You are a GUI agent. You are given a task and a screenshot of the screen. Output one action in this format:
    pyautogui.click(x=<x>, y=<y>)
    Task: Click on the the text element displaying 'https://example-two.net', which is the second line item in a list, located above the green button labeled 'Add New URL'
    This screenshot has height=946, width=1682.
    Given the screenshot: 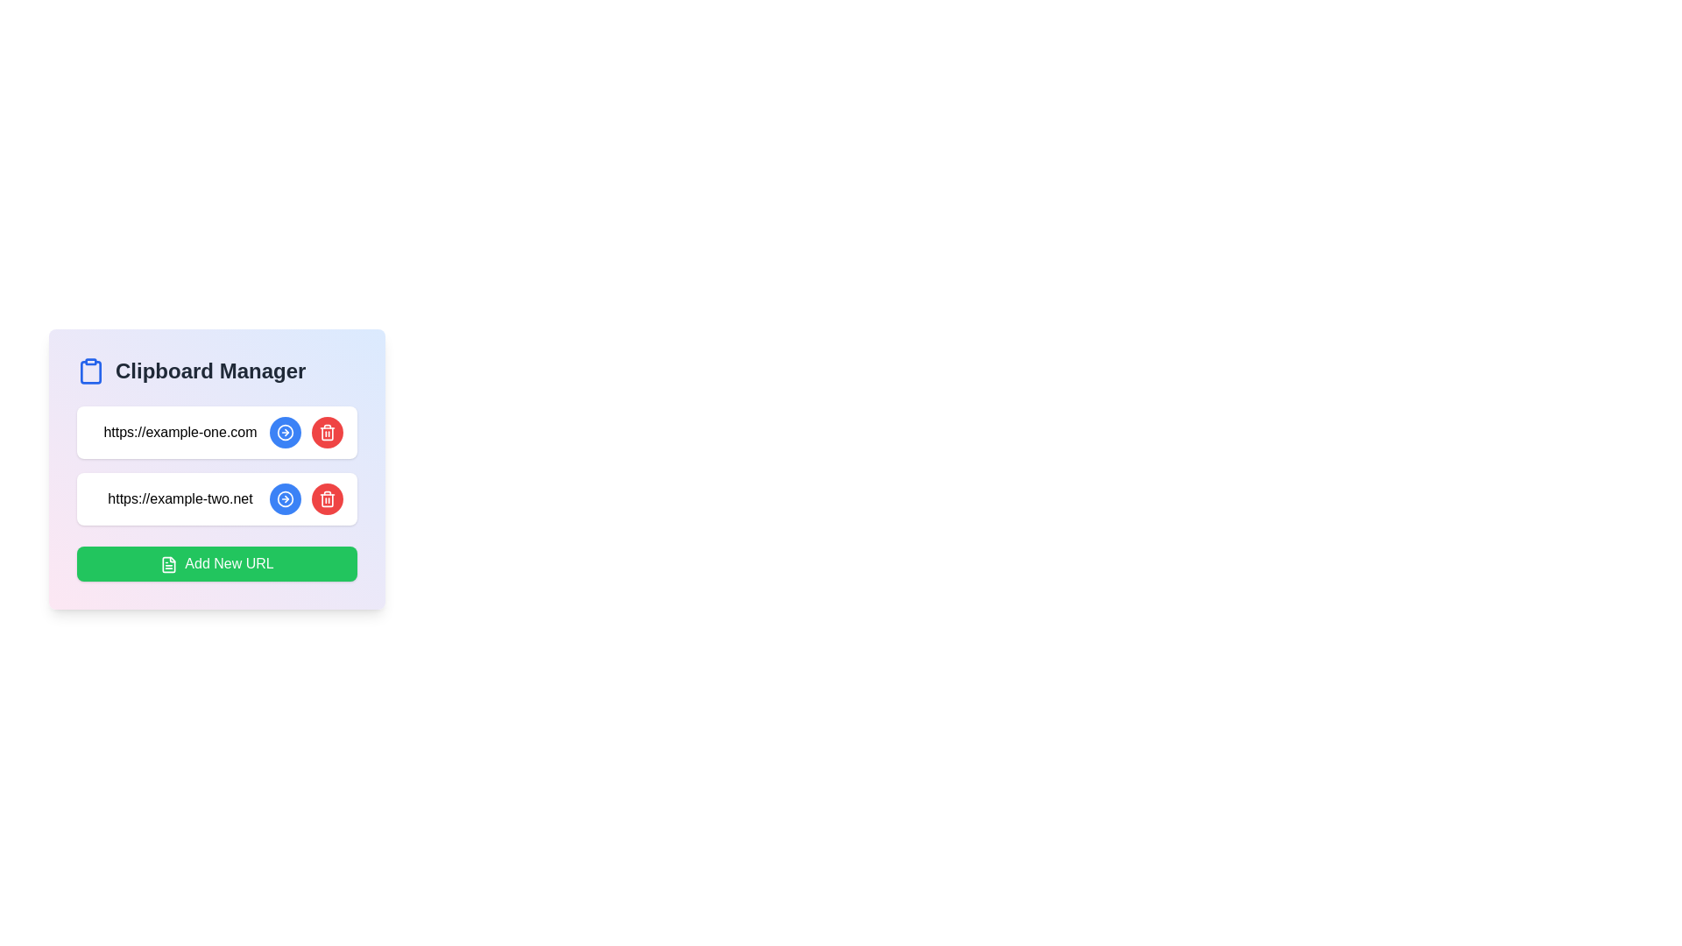 What is the action you would take?
    pyautogui.click(x=180, y=499)
    